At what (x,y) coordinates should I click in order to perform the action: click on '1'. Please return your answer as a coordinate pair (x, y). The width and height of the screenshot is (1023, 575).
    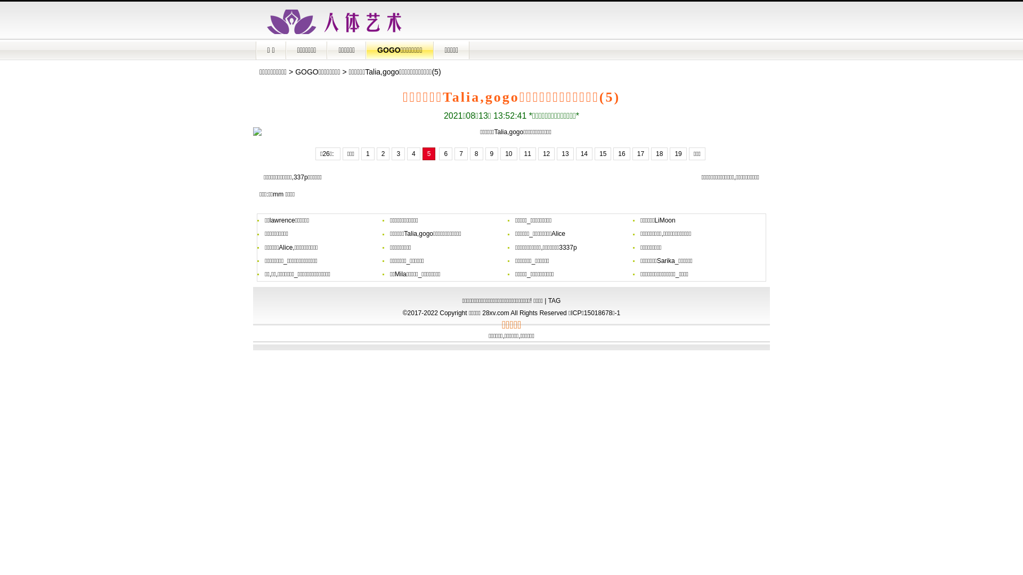
    Looking at the image, I should click on (368, 154).